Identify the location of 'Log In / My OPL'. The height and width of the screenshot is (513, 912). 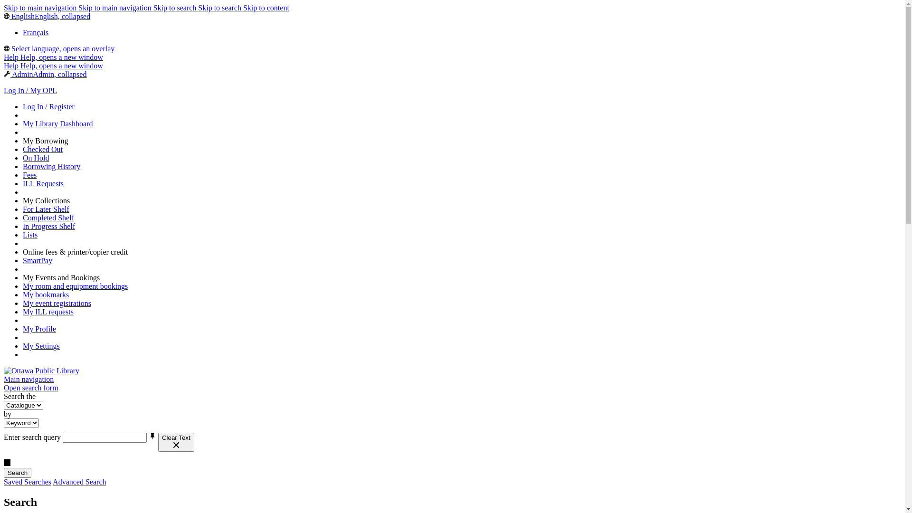
(30, 90).